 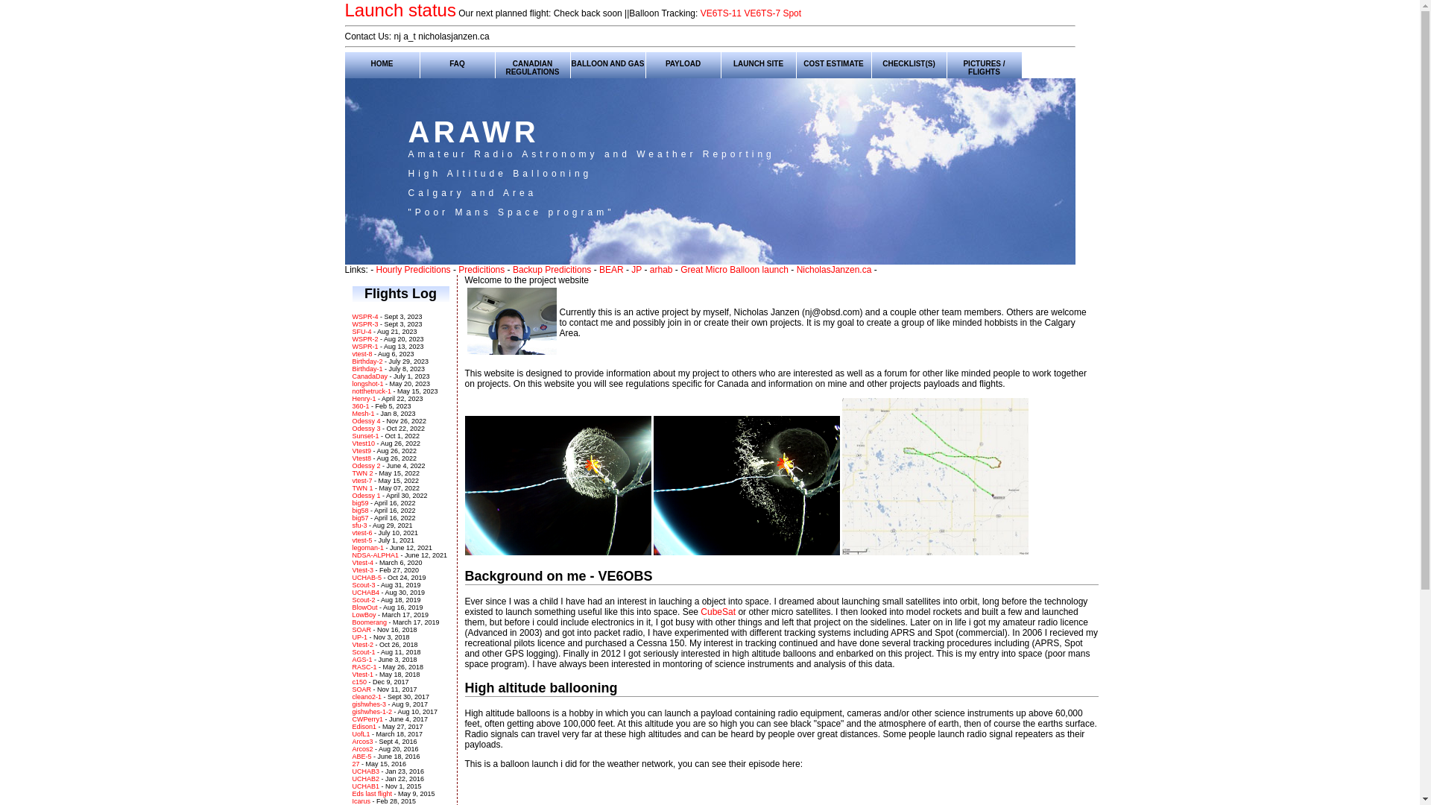 What do you see at coordinates (361, 450) in the screenshot?
I see `'Vtest9'` at bounding box center [361, 450].